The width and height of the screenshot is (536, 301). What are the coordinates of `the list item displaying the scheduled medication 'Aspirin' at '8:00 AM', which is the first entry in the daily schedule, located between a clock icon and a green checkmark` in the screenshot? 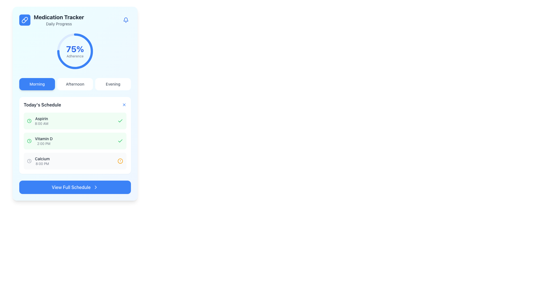 It's located at (37, 121).